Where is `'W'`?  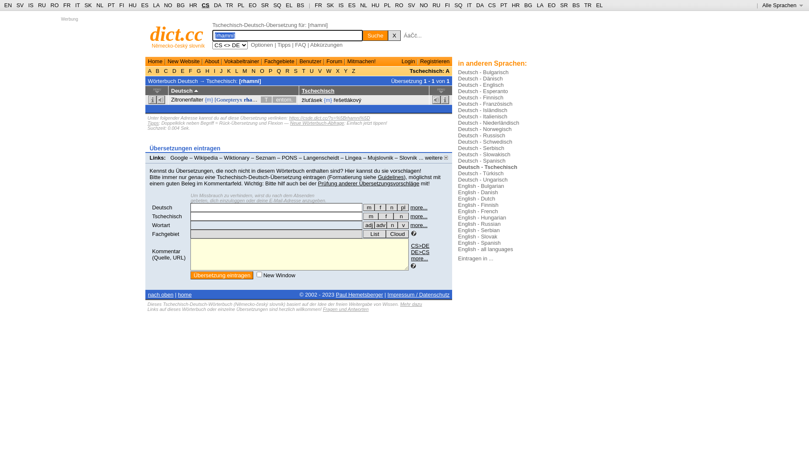 'W' is located at coordinates (329, 70).